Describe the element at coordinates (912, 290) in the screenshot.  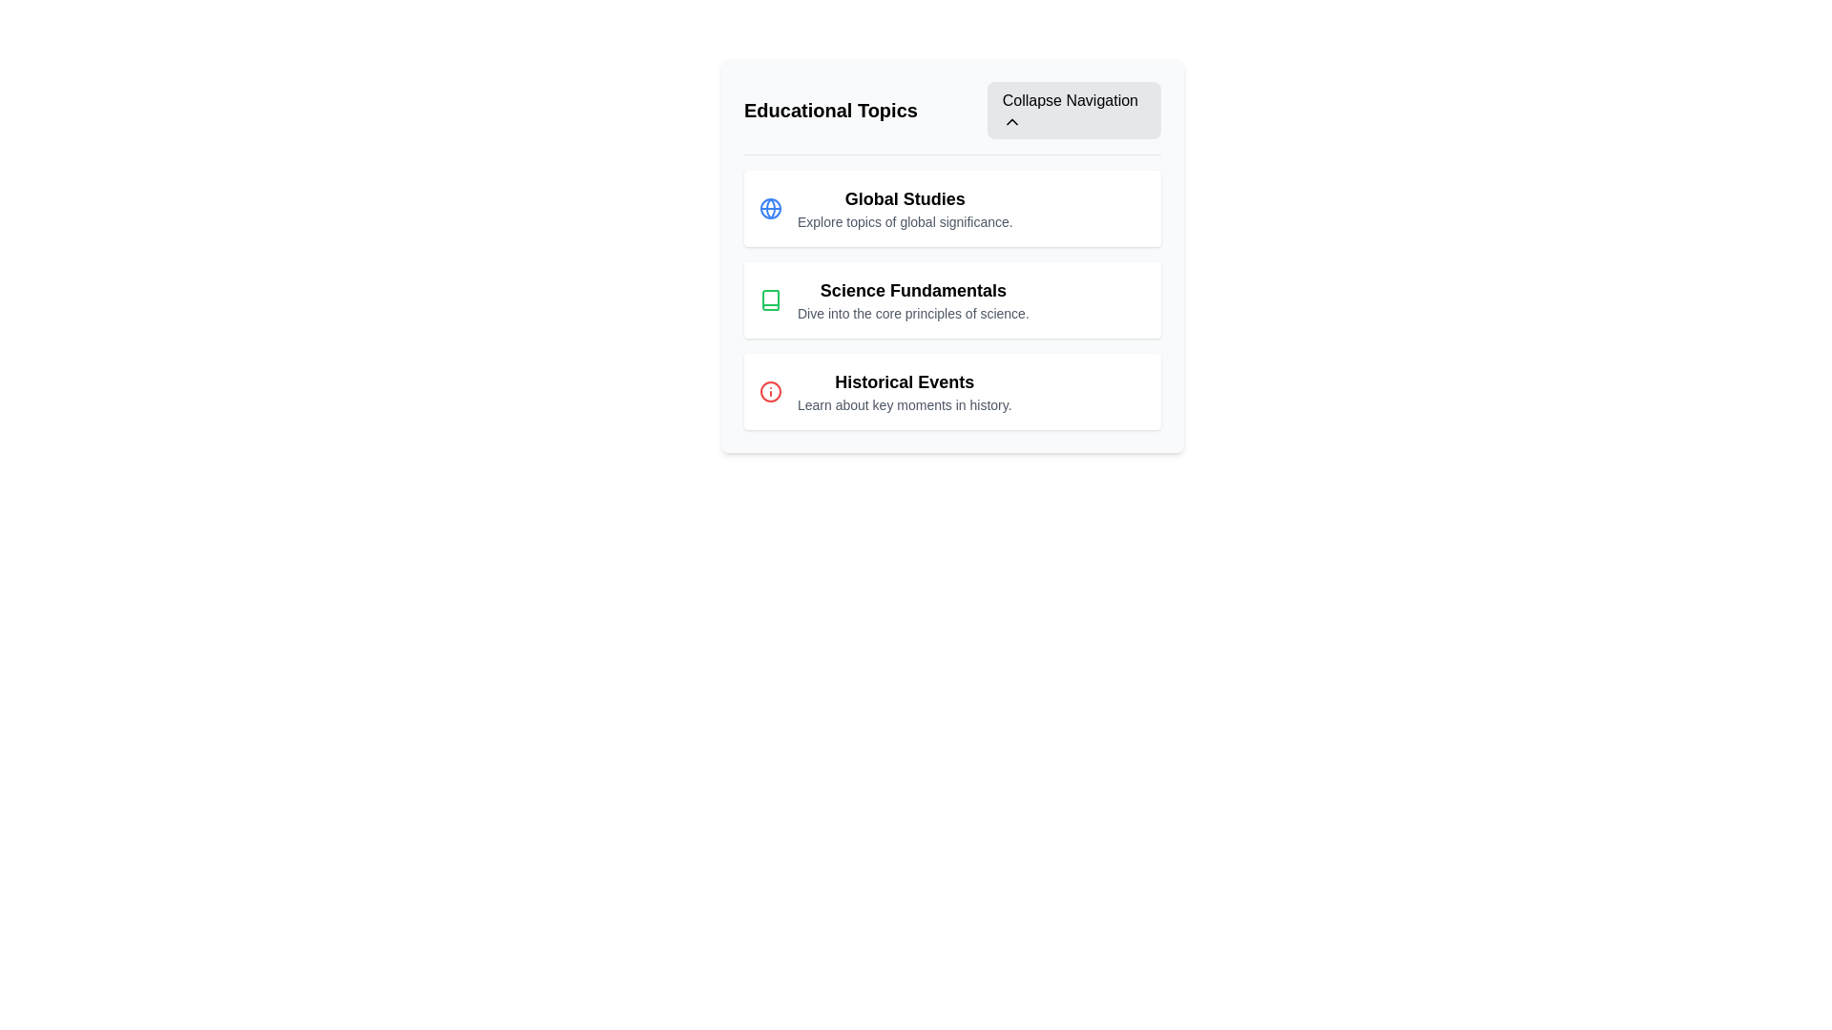
I see `the 'Science Fundamentals' title text label located in the second row of the 'Educational Topics' card, which is centered horizontally in the card` at that location.